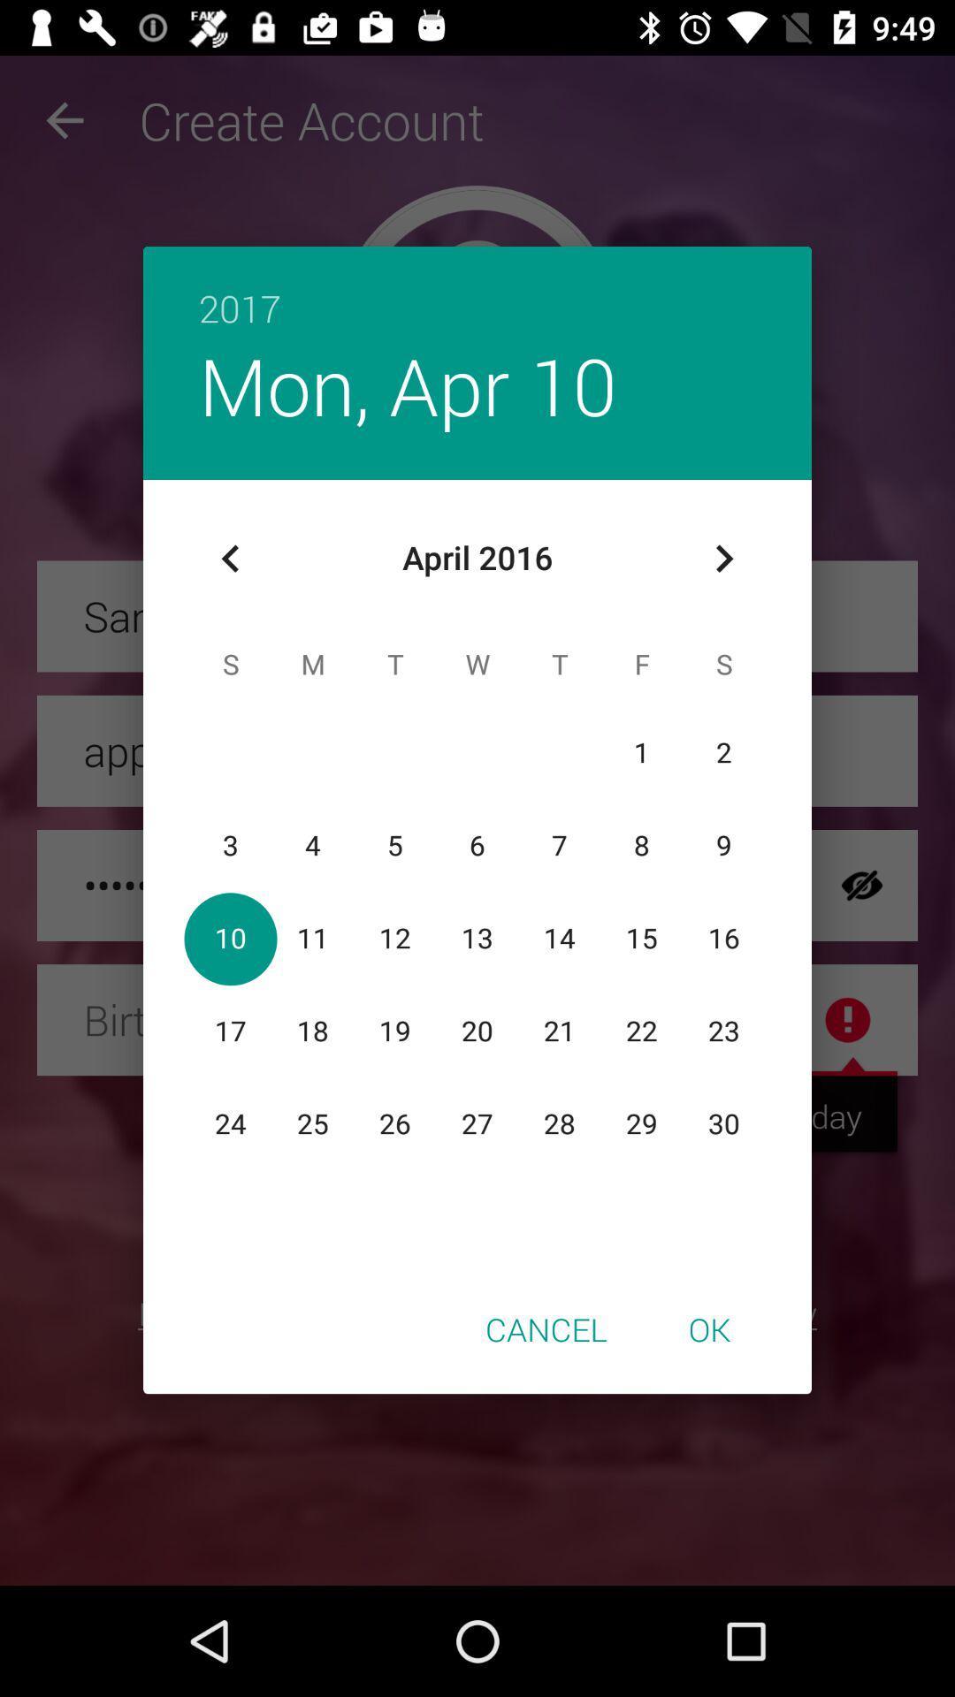  Describe the element at coordinates (708, 1328) in the screenshot. I see `icon next to the cancel icon` at that location.